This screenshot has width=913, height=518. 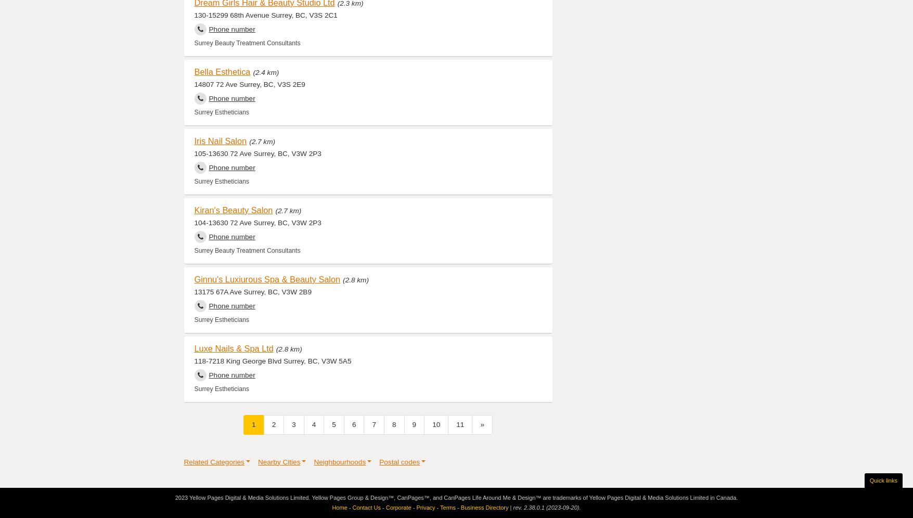 What do you see at coordinates (397, 506) in the screenshot?
I see `'Corporate'` at bounding box center [397, 506].